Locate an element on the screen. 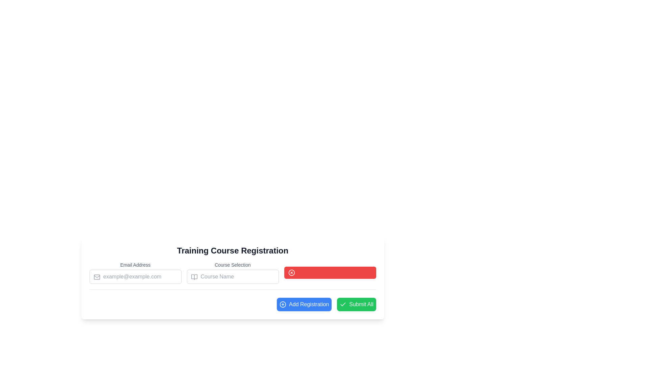 This screenshot has width=649, height=365. the small green checkmark icon located within the 'Submit All' green button is located at coordinates (343, 305).